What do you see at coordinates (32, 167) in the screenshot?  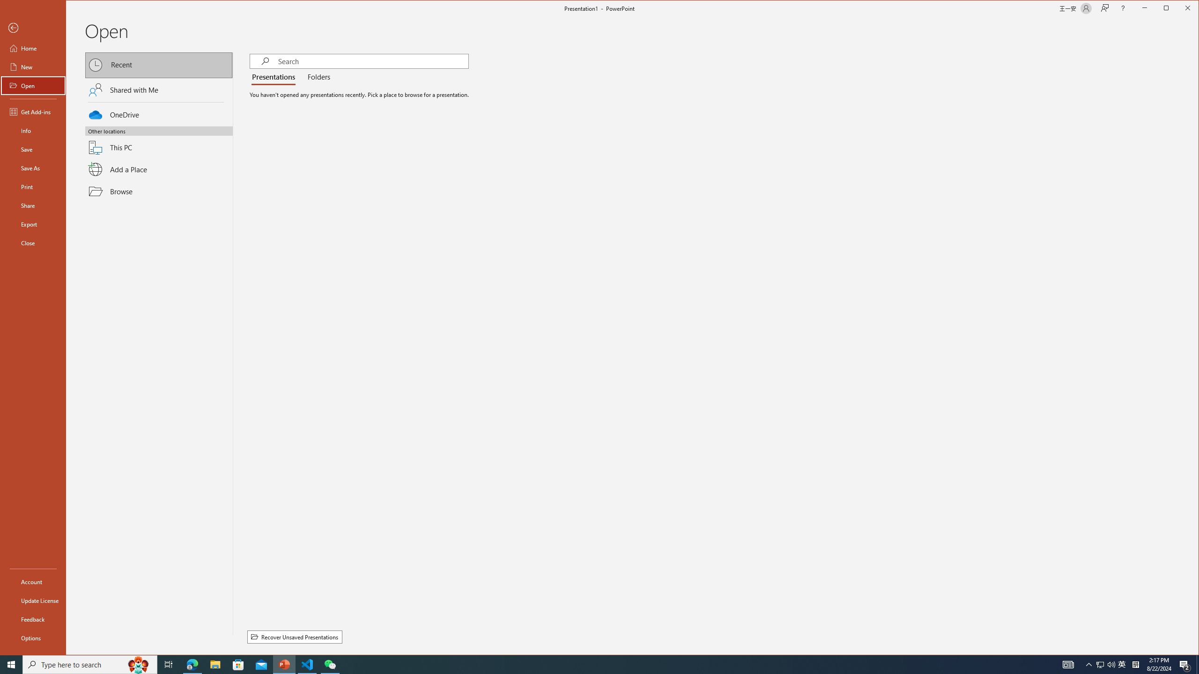 I see `'Save As'` at bounding box center [32, 167].